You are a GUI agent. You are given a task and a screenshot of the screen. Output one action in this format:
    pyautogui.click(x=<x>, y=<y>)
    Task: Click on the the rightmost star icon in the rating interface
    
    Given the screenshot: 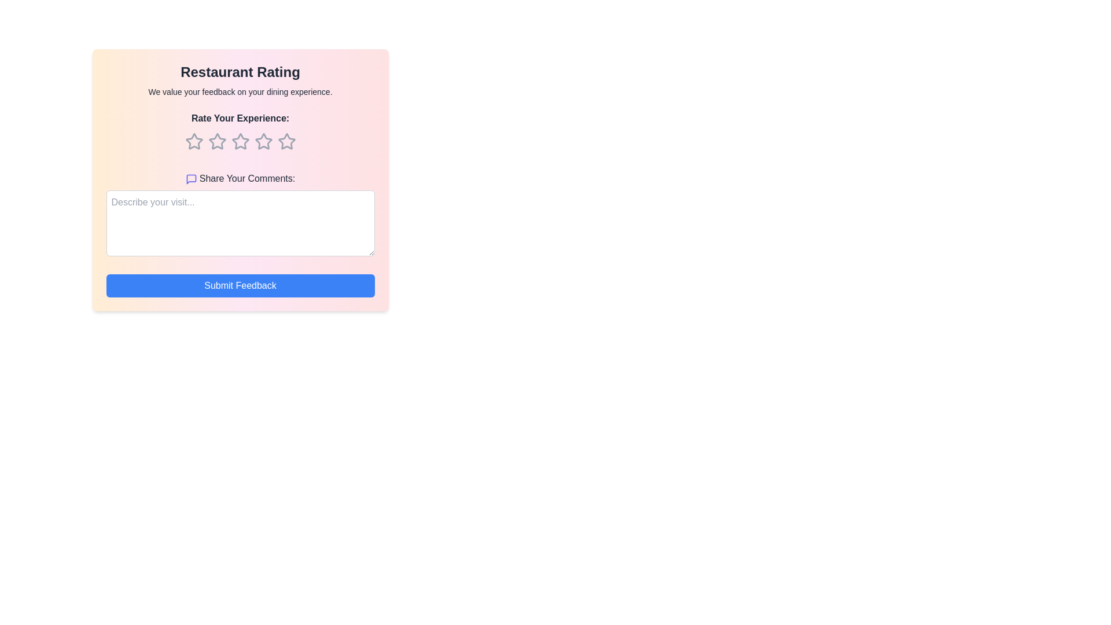 What is the action you would take?
    pyautogui.click(x=286, y=140)
    